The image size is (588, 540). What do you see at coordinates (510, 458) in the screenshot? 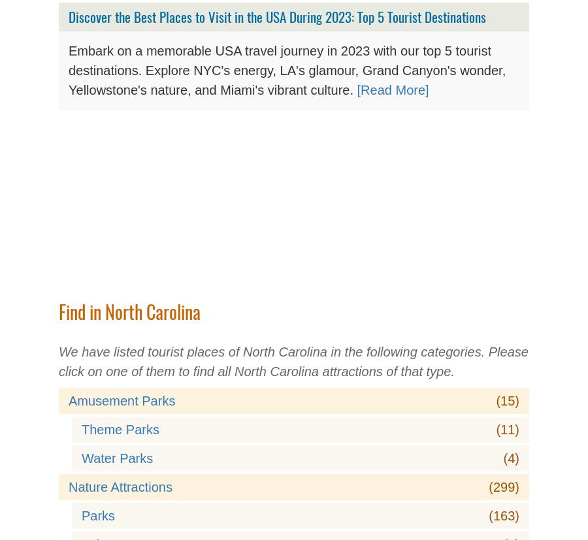
I see `'(4)'` at bounding box center [510, 458].